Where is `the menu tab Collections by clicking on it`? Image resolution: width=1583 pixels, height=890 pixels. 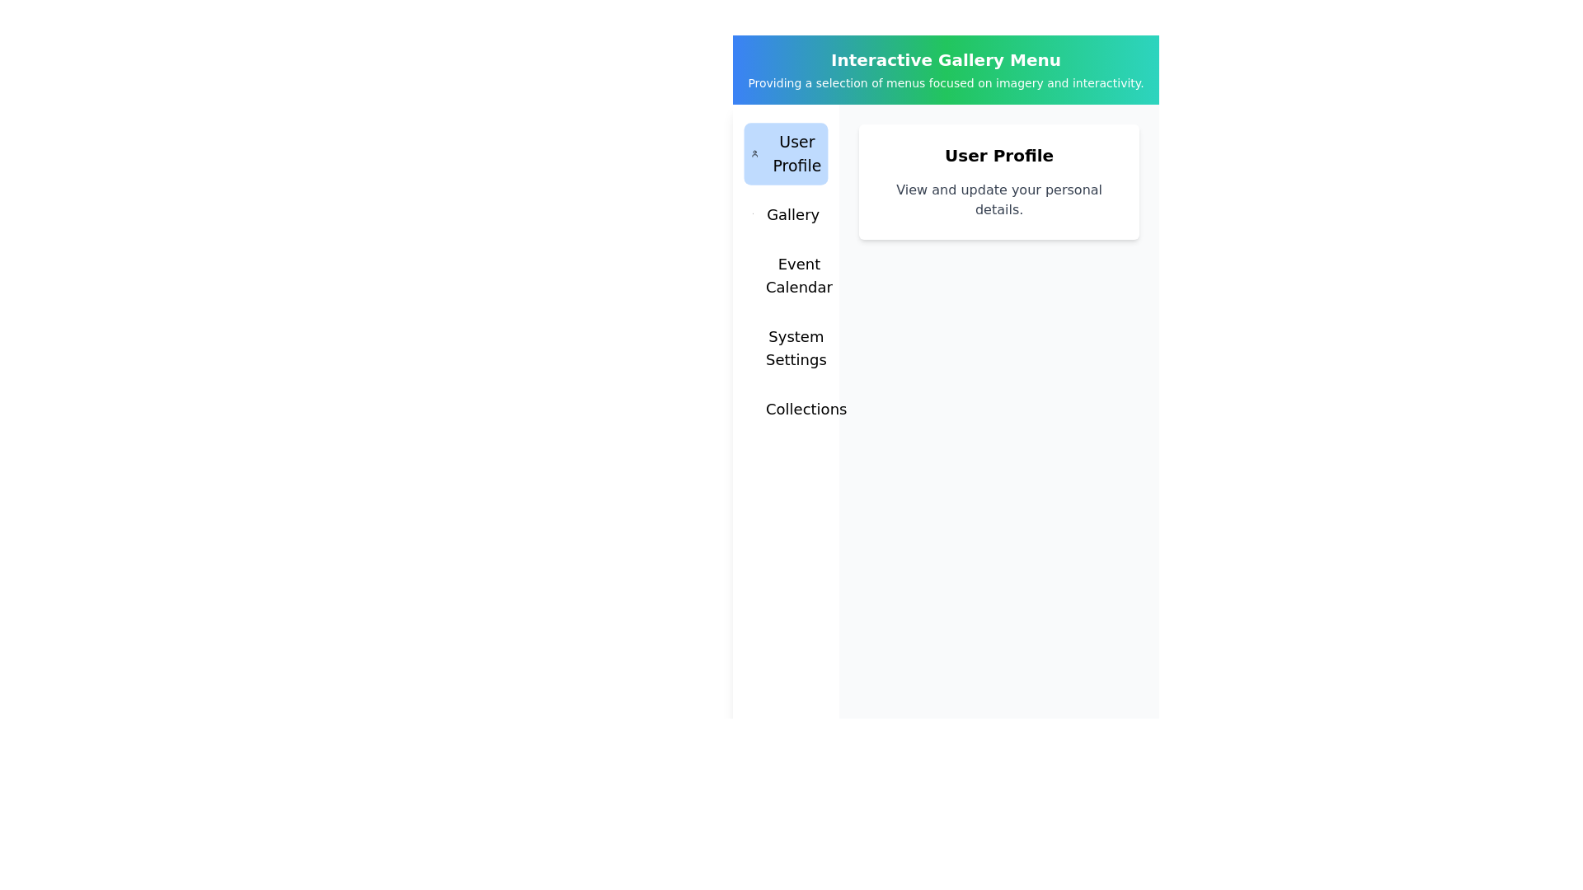 the menu tab Collections by clicking on it is located at coordinates (785, 409).